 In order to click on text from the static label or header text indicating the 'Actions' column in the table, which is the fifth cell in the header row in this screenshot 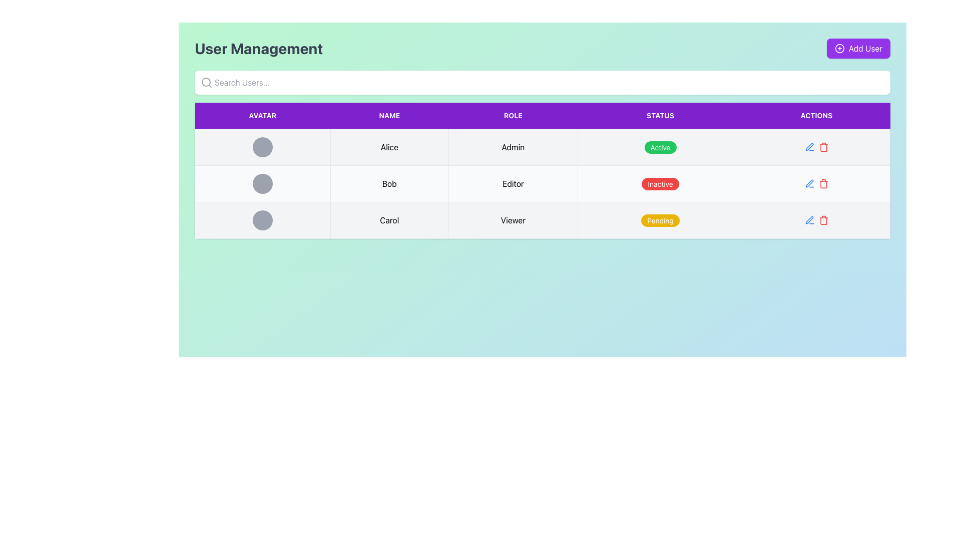, I will do `click(816, 115)`.